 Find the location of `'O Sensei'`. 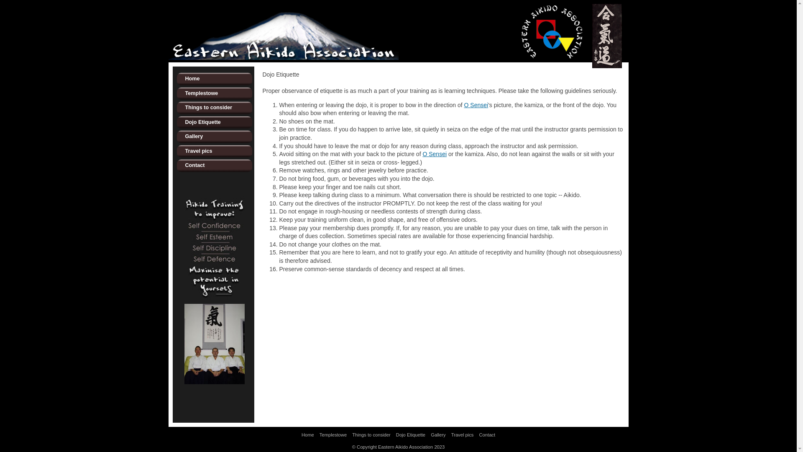

'O Sensei' is located at coordinates (476, 104).